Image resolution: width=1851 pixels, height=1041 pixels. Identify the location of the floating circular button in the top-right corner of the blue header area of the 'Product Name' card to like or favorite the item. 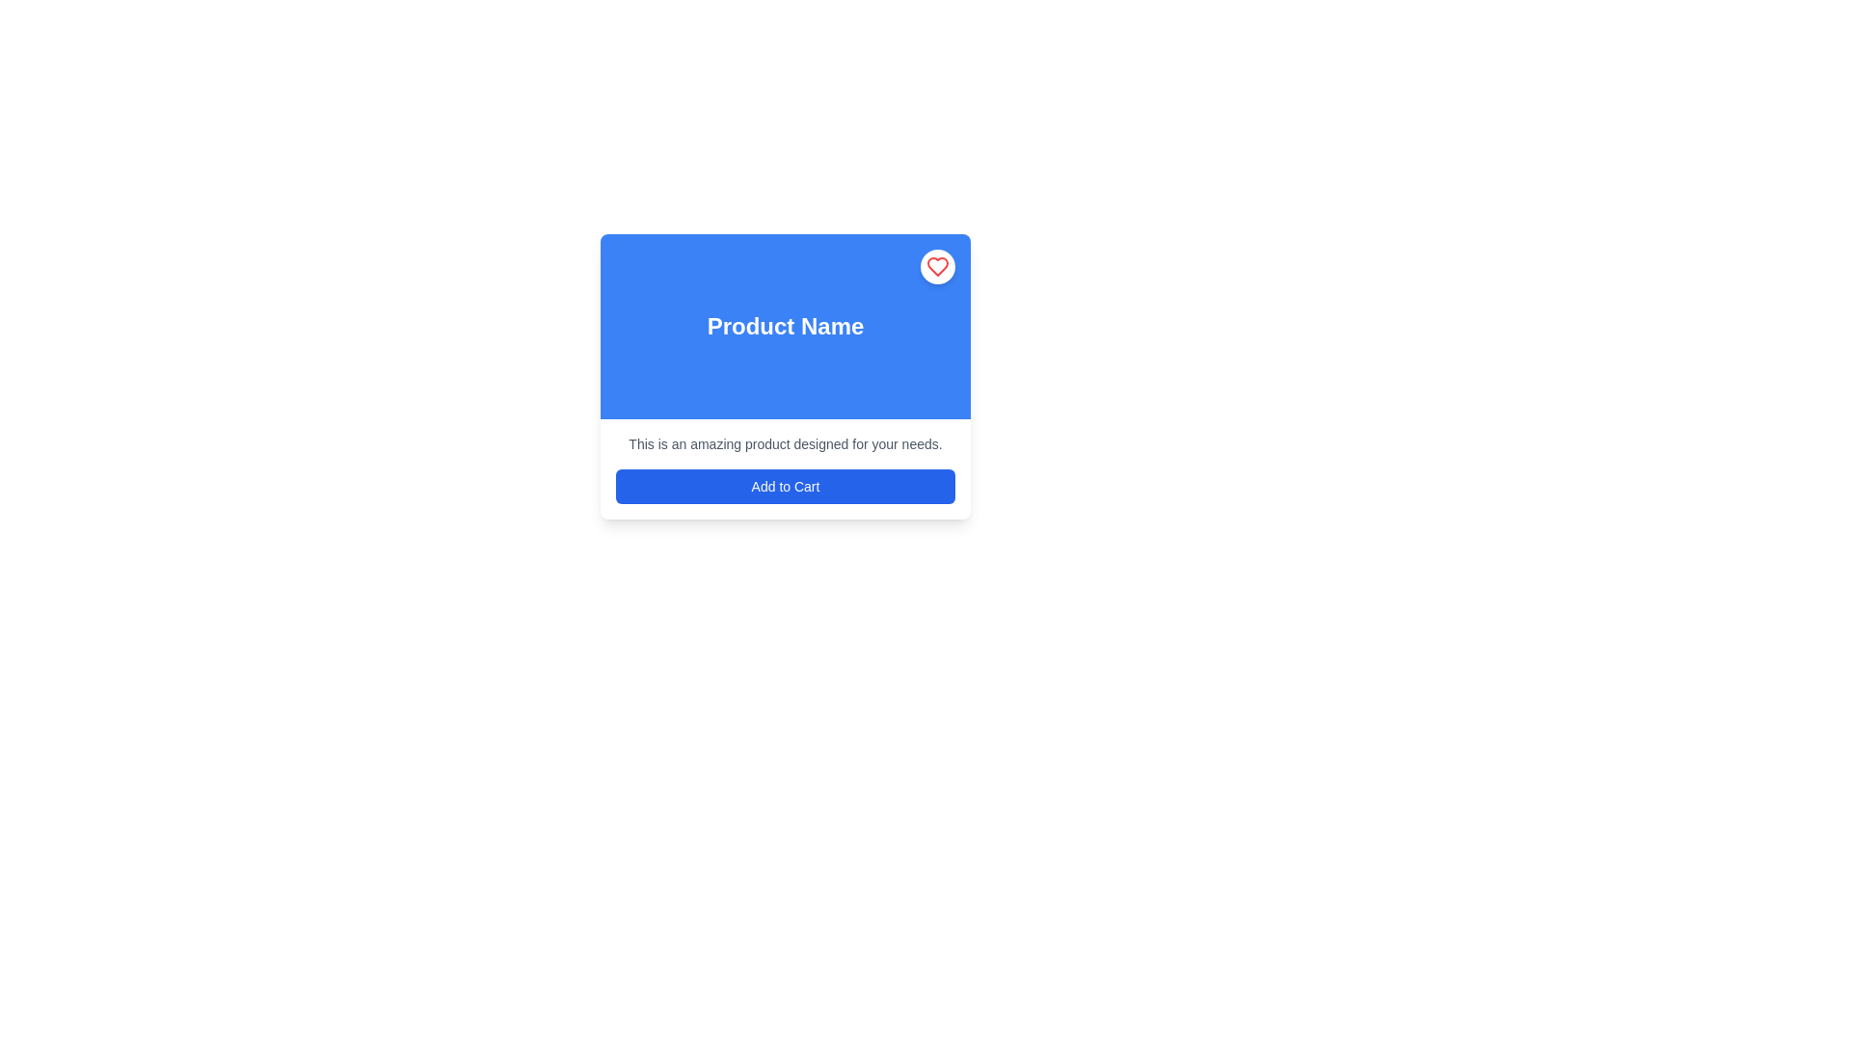
(938, 267).